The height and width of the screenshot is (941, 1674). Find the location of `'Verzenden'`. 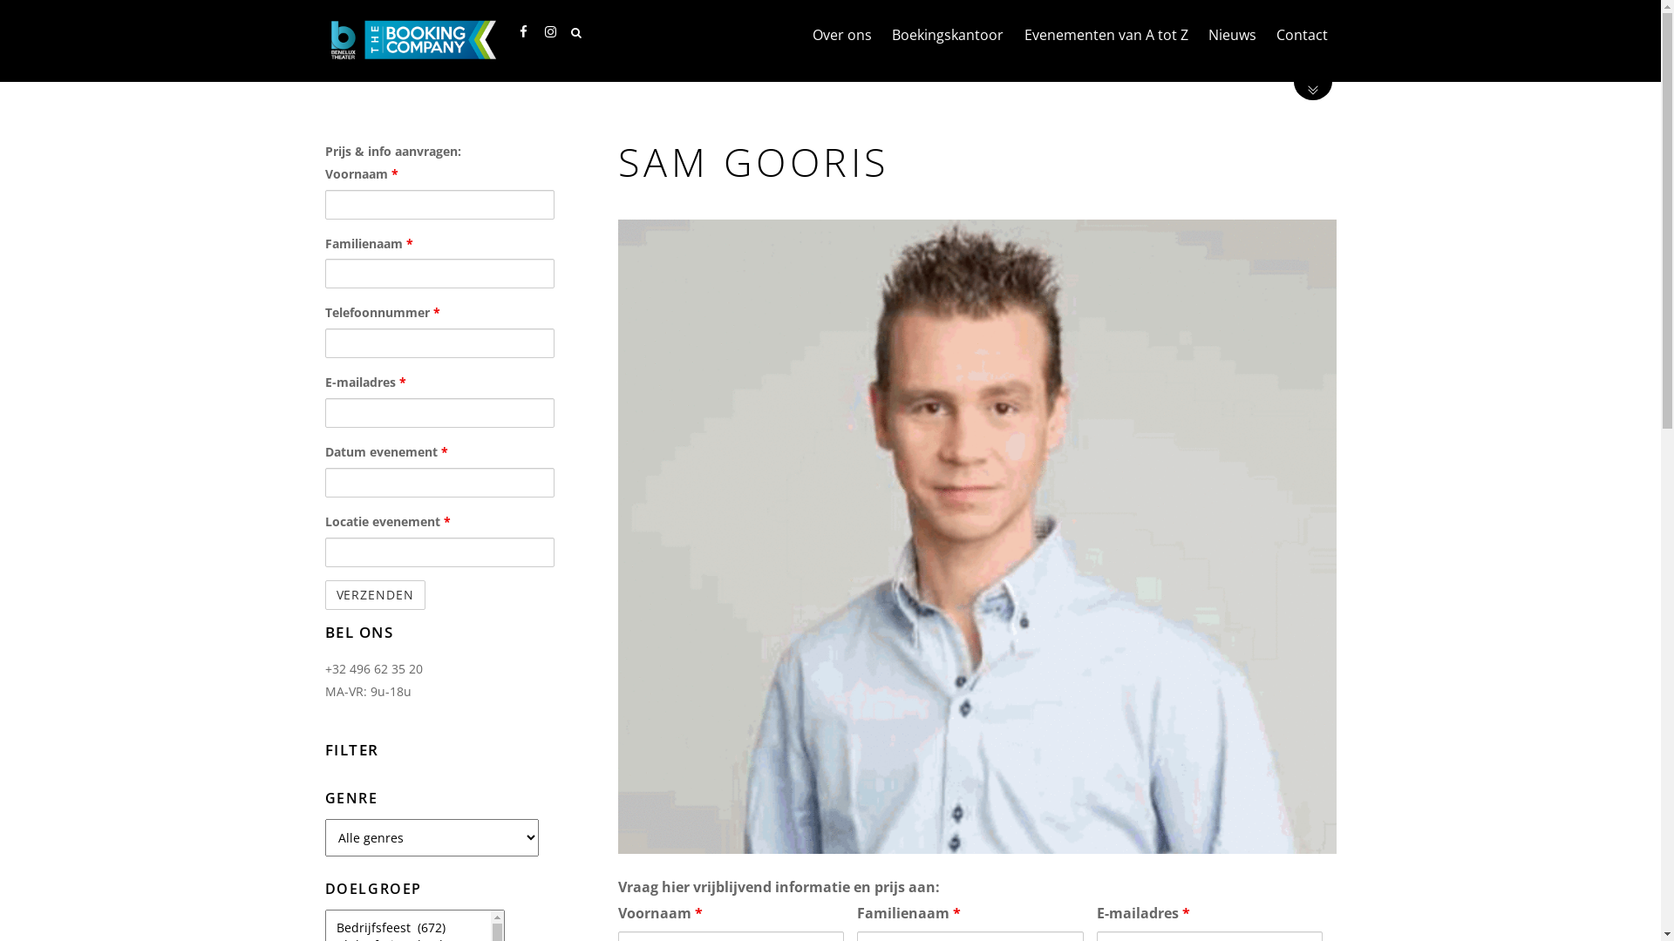

'Verzenden' is located at coordinates (373, 593).